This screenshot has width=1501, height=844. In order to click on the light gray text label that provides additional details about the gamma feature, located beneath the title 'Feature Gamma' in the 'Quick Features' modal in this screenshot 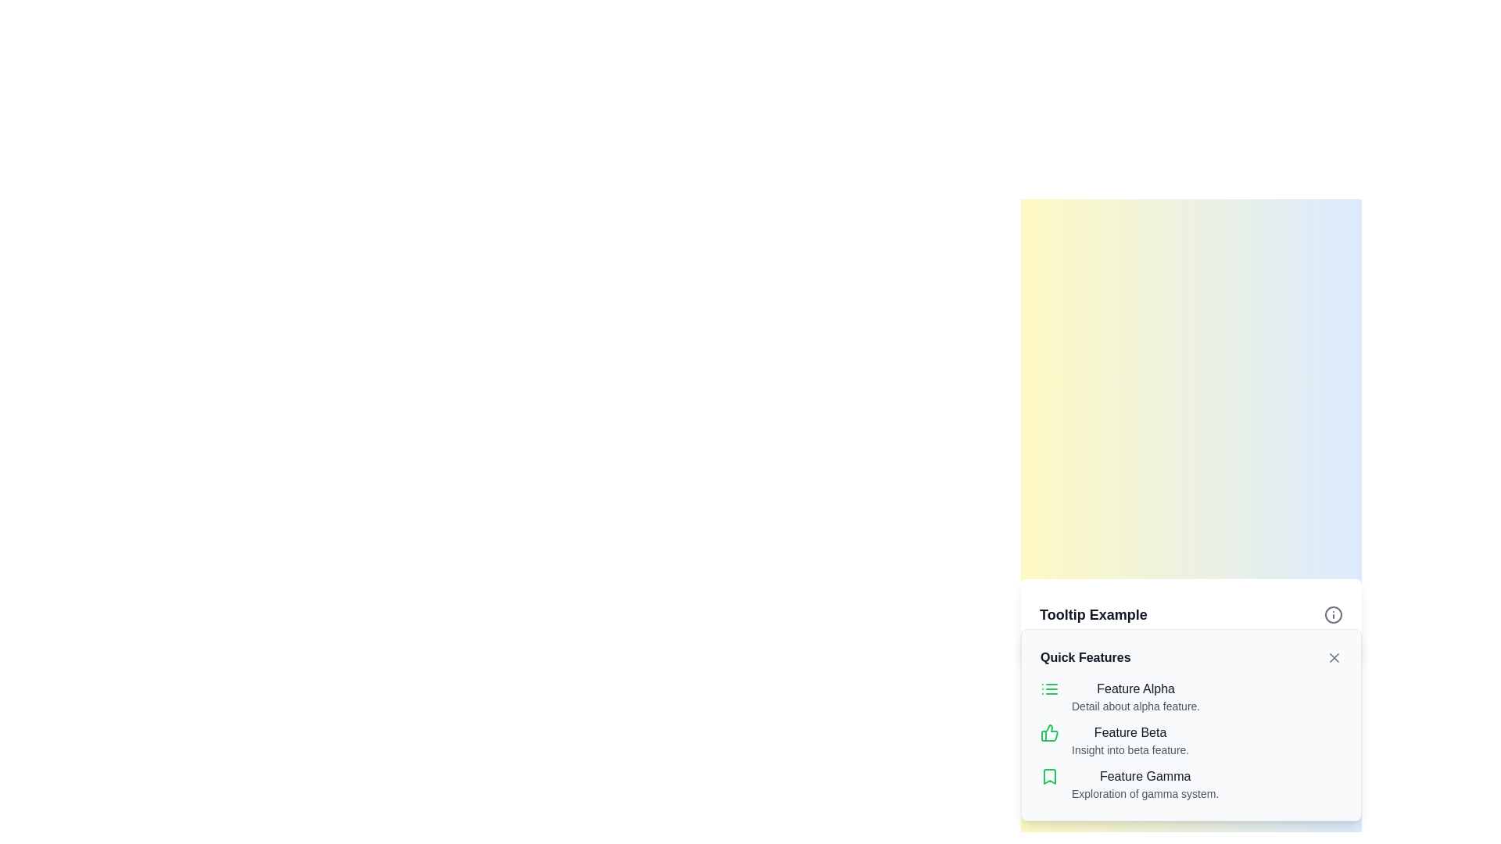, I will do `click(1145, 793)`.